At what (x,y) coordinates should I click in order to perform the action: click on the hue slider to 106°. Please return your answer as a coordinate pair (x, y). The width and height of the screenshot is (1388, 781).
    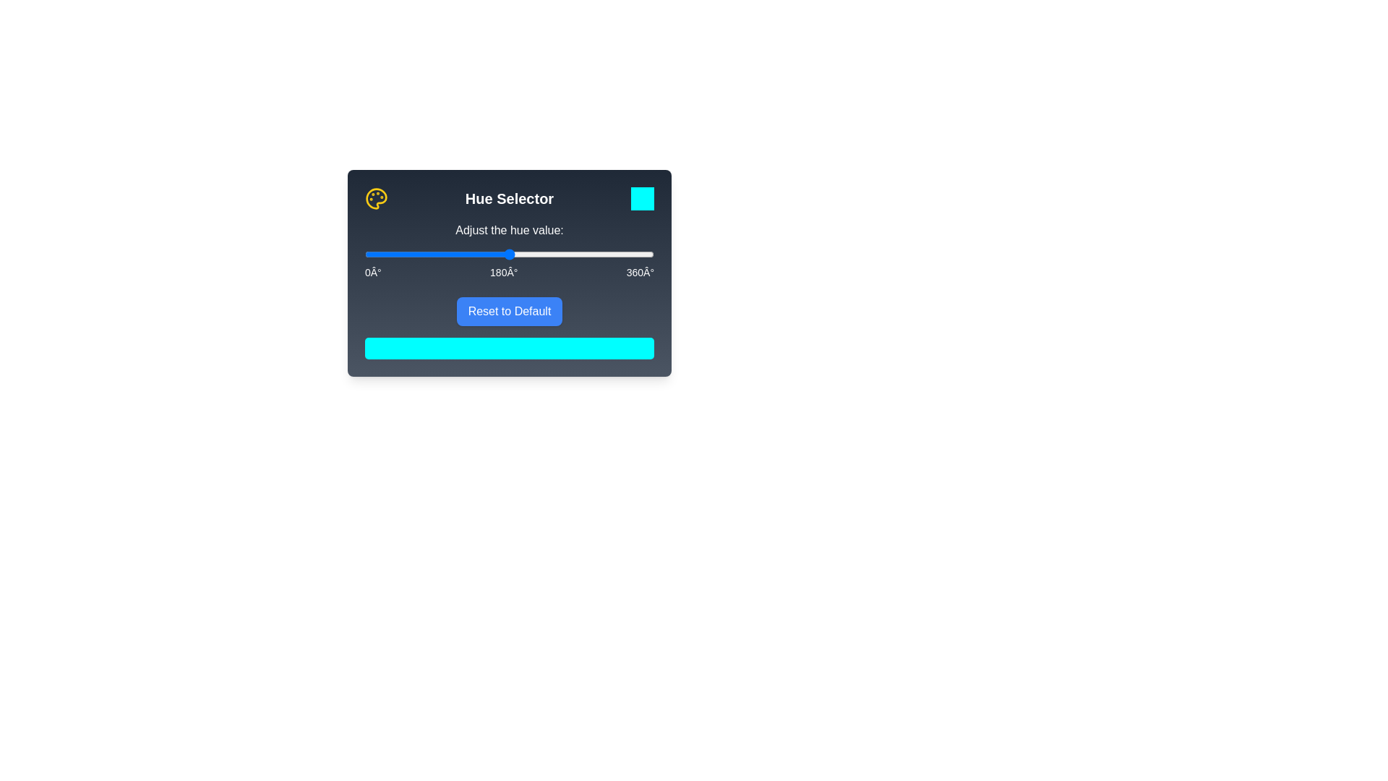
    Looking at the image, I should click on (449, 253).